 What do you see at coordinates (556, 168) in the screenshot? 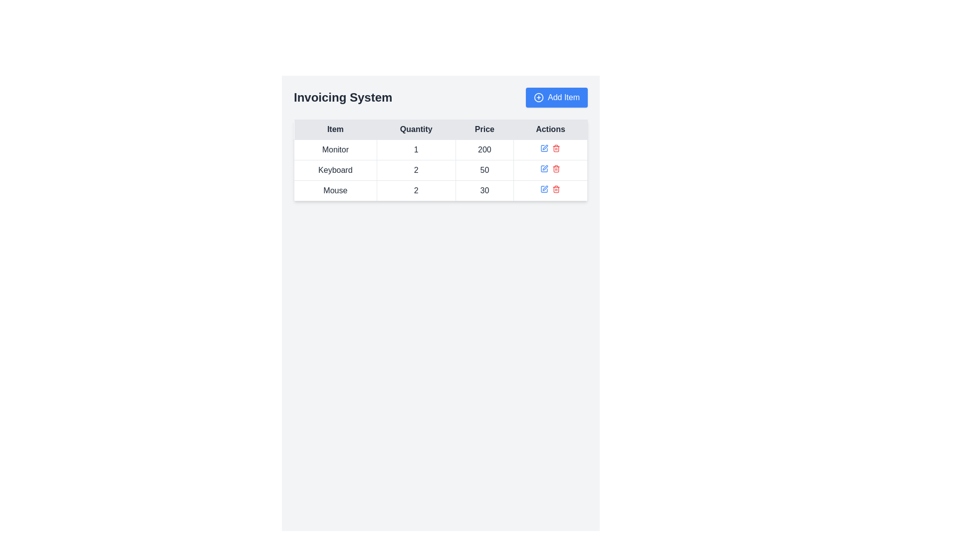
I see `the small red trash can icon in the third row of the 'Actions' column to observe any tooltip or visual feedback` at bounding box center [556, 168].